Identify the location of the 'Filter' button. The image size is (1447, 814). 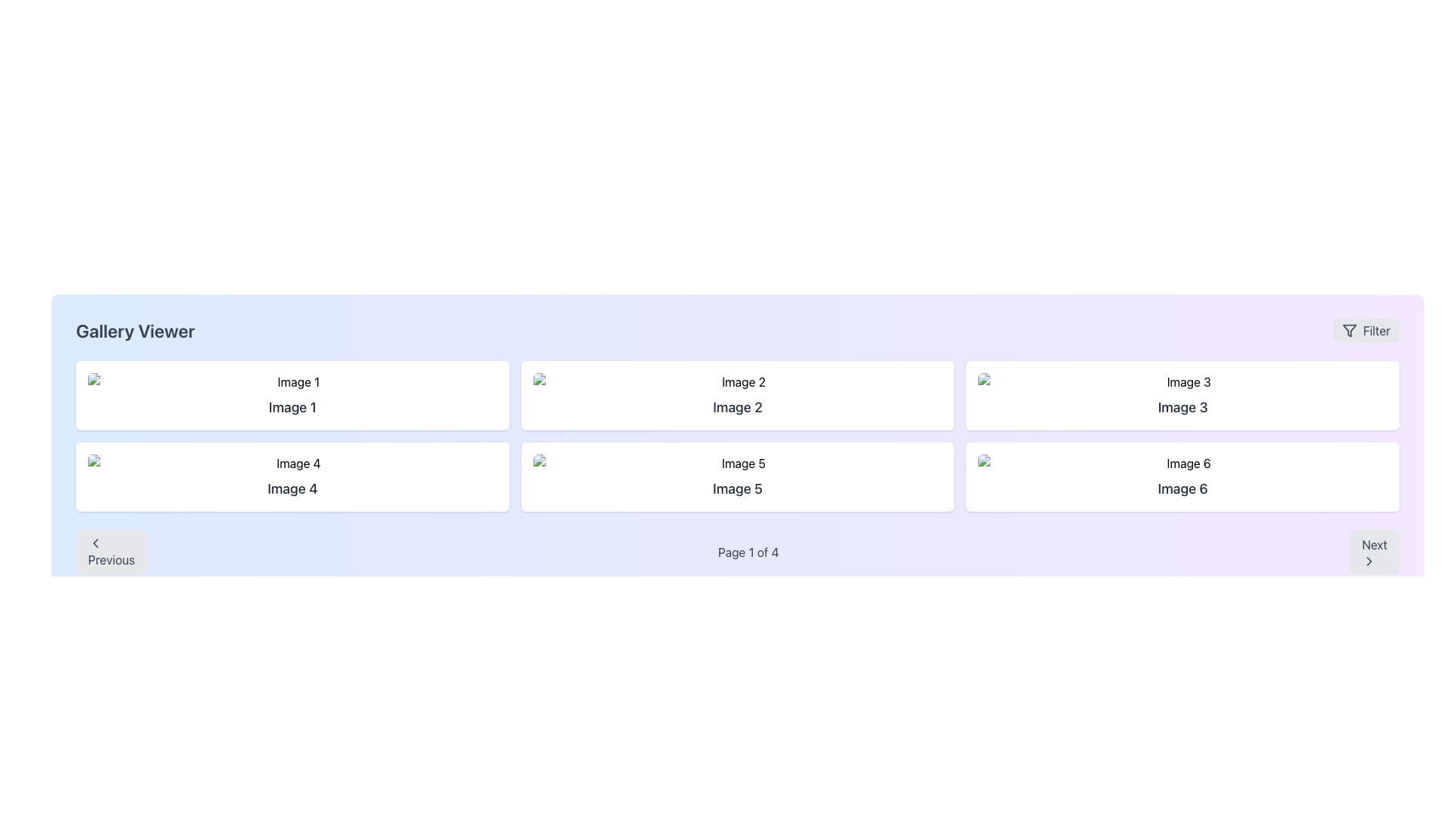
(1366, 330).